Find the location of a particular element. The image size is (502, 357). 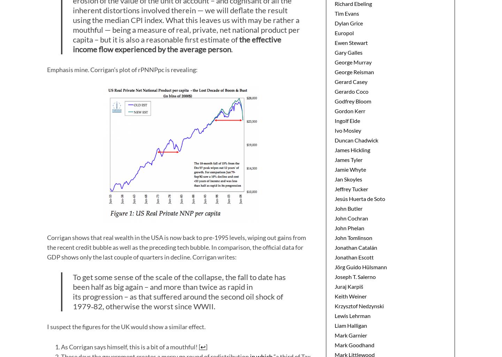

'Gerardo Coco' is located at coordinates (351, 91).